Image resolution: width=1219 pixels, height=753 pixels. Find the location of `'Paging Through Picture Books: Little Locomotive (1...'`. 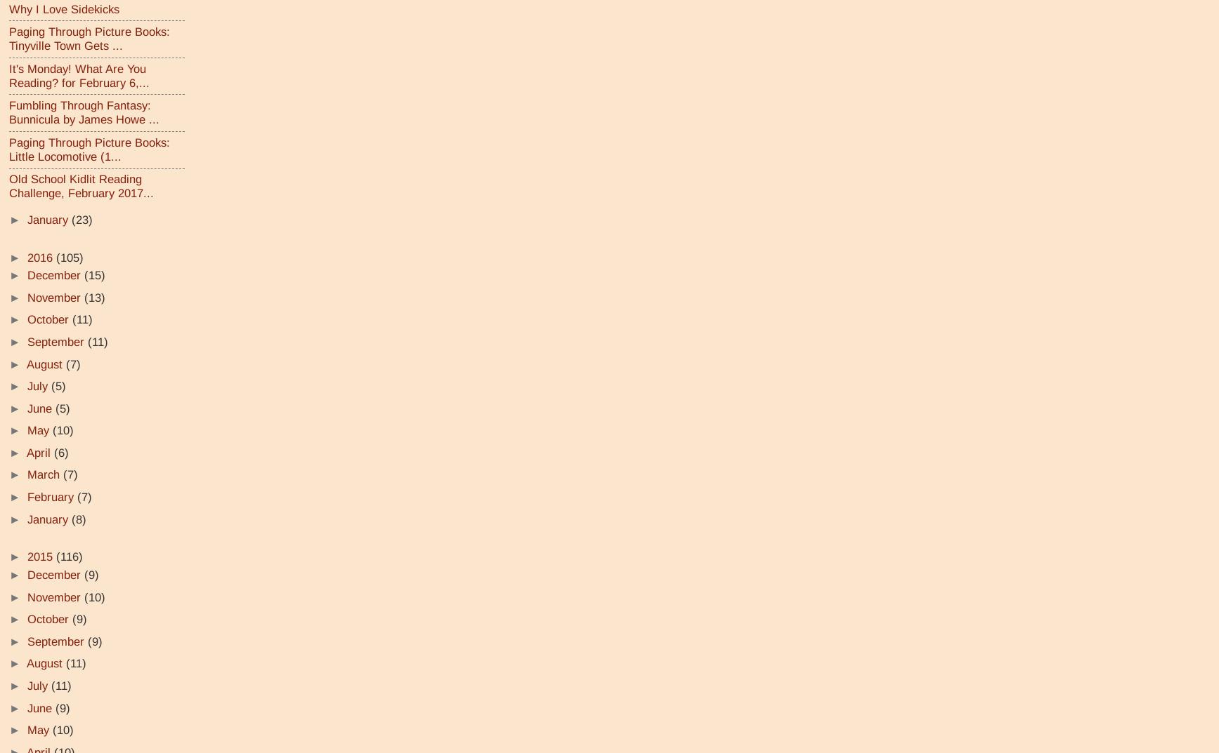

'Paging Through Picture Books: Little Locomotive (1...' is located at coordinates (89, 149).